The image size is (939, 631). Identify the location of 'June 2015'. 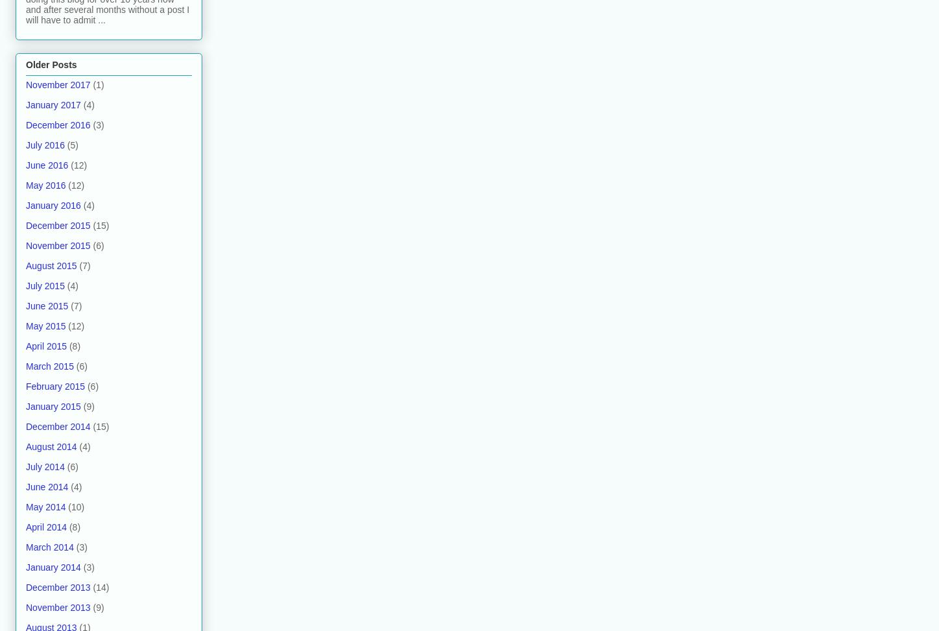
(47, 305).